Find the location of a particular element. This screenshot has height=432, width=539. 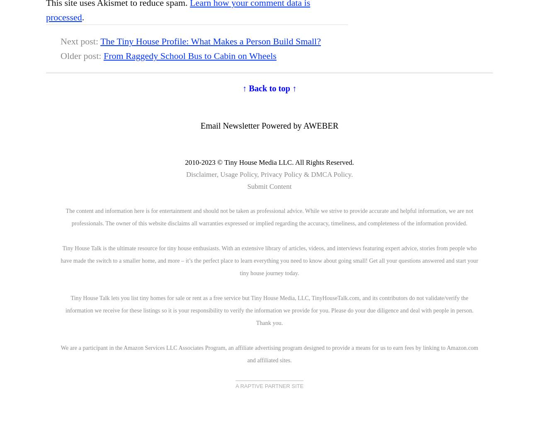

'Email Newsletter Powered by' is located at coordinates (251, 125).